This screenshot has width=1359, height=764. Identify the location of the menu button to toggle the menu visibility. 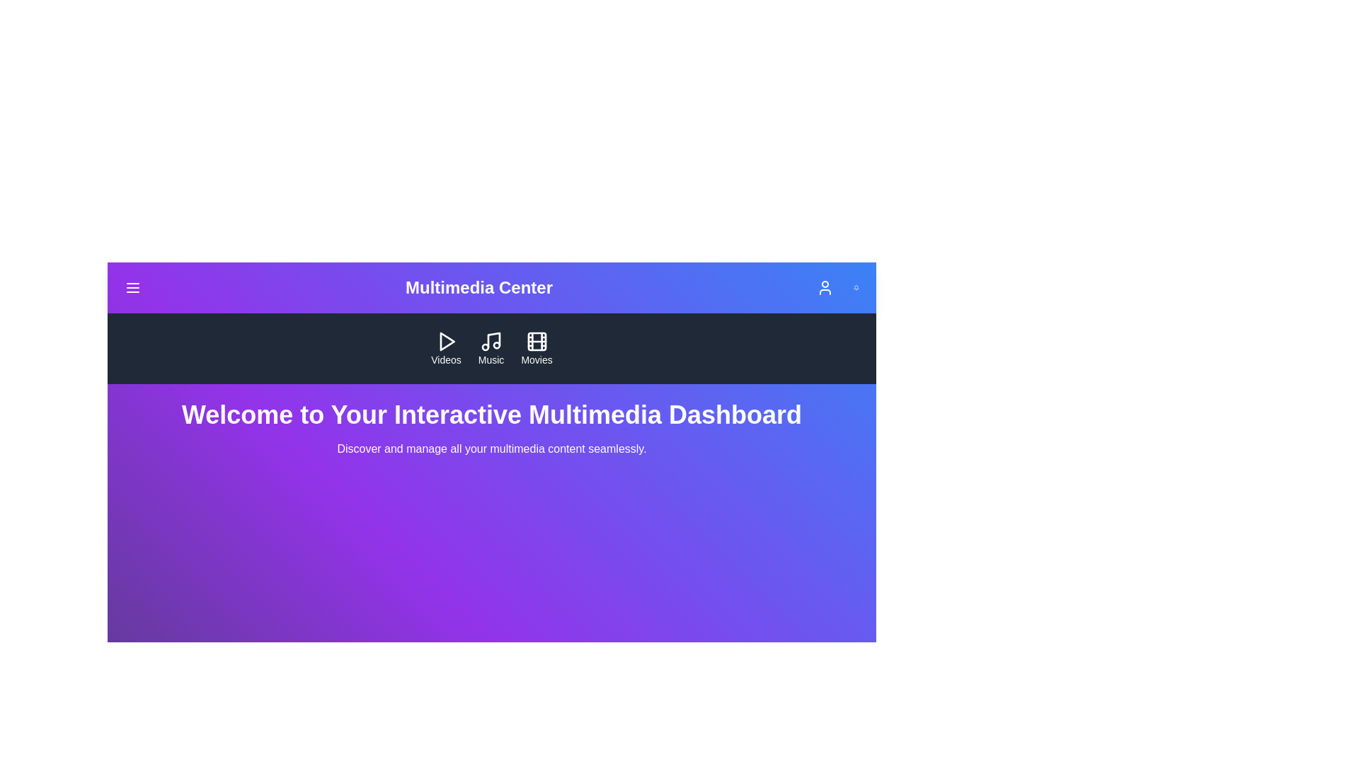
(132, 287).